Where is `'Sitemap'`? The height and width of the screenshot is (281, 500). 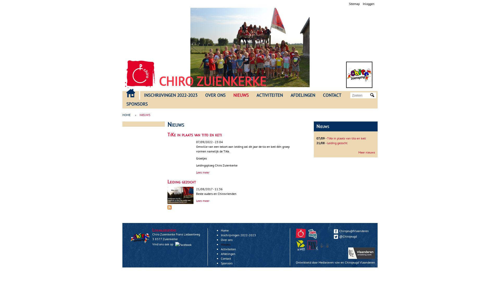
'Sitemap' is located at coordinates (349, 4).